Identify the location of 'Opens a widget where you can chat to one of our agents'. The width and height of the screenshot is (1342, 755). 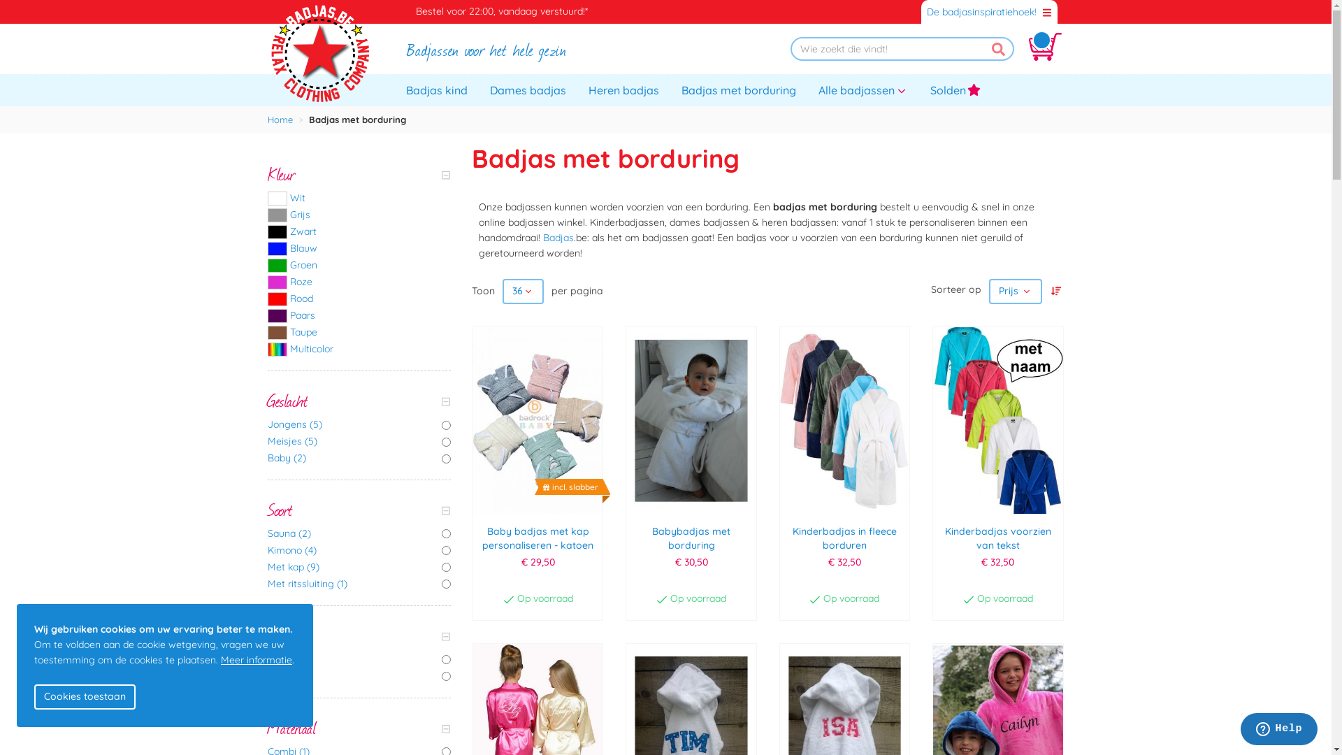
(1240, 730).